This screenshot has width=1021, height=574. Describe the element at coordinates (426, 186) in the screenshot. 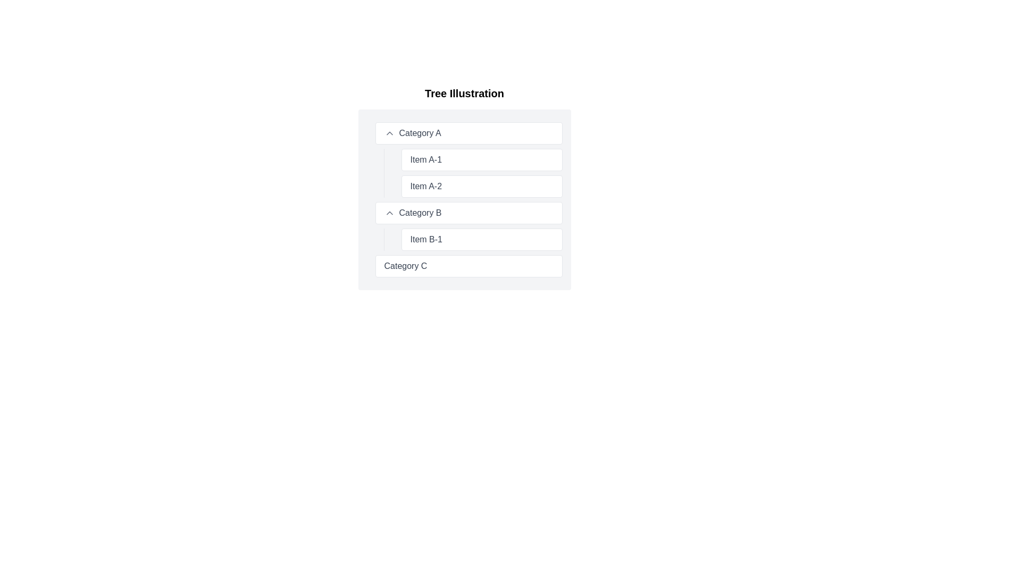

I see `text content of the label displaying 'Item A-2', which is styled with medium font weight and gray color, located in the second position under 'Category A'` at that location.